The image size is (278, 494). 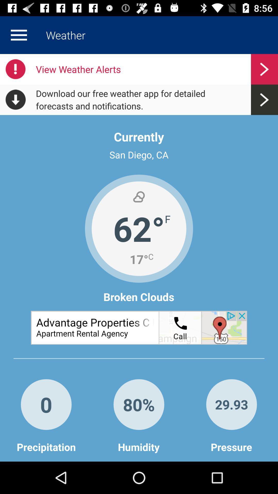 I want to click on open menu options, so click(x=19, y=35).